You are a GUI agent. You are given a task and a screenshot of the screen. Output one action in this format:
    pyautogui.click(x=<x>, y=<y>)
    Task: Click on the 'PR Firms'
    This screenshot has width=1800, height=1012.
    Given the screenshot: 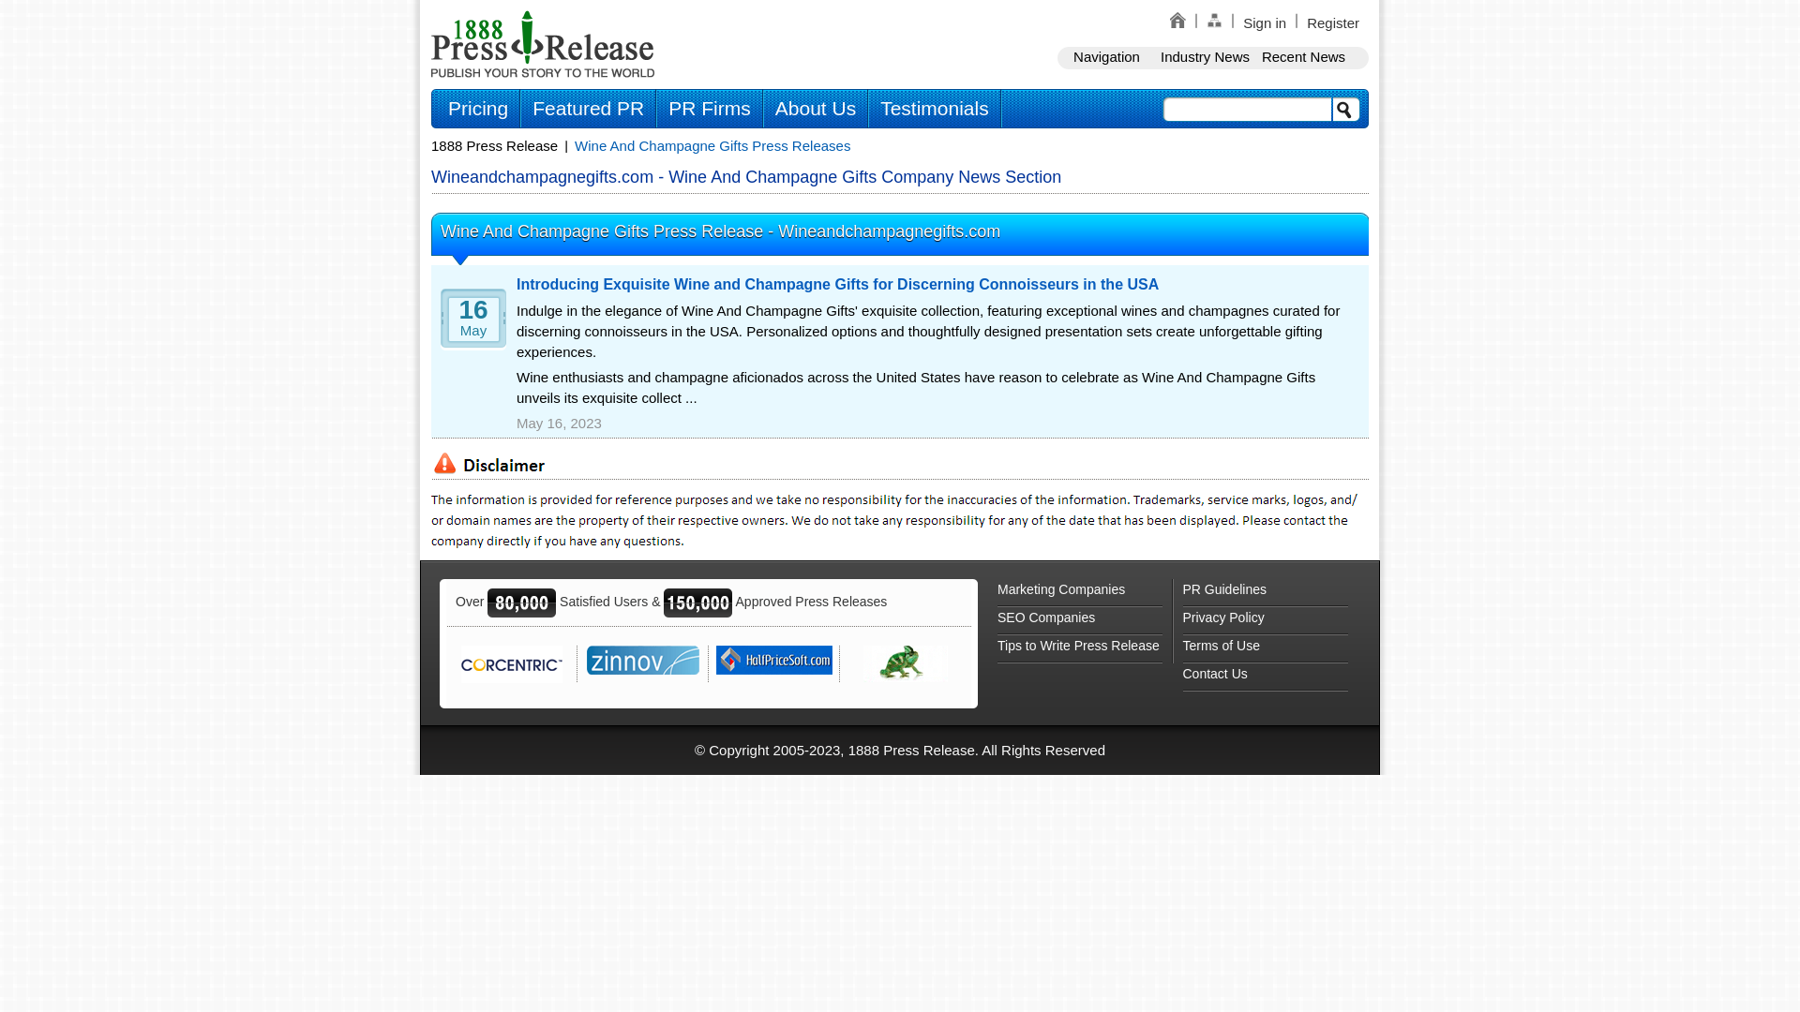 What is the action you would take?
    pyautogui.click(x=709, y=108)
    